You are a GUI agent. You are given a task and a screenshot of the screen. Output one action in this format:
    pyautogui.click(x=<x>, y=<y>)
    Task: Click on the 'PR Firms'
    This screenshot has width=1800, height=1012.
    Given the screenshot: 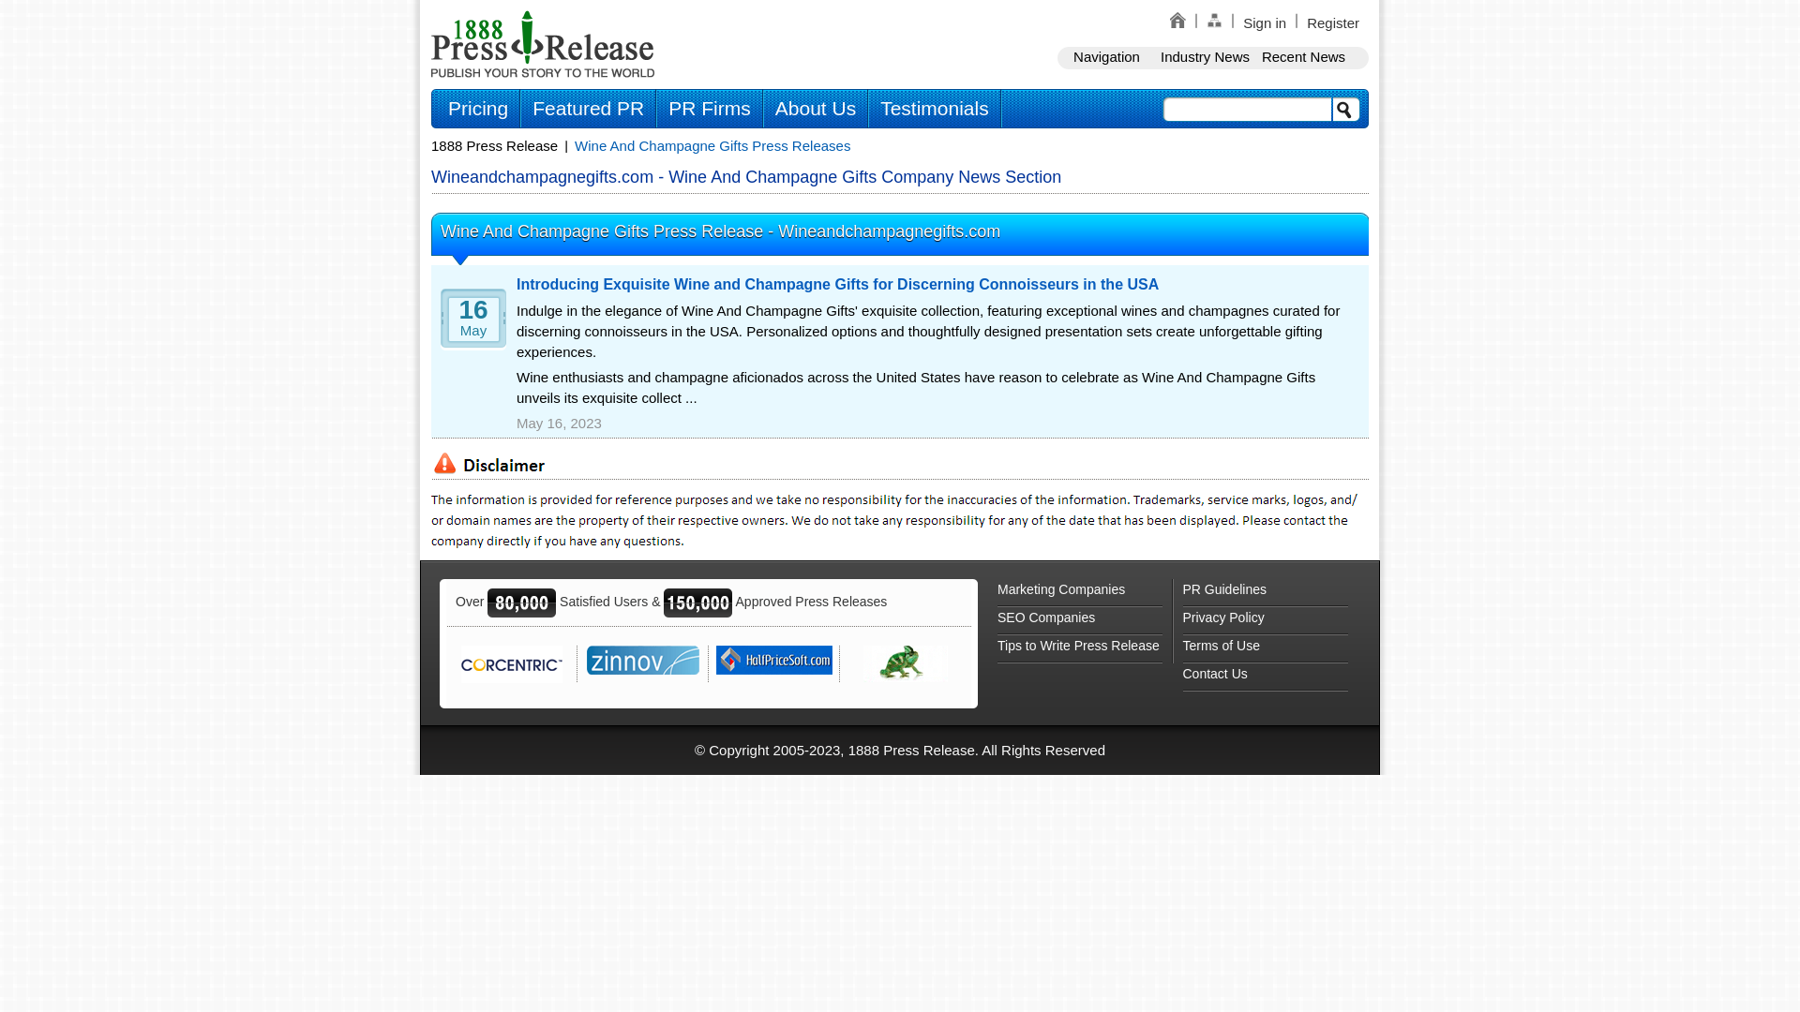 What is the action you would take?
    pyautogui.click(x=709, y=108)
    